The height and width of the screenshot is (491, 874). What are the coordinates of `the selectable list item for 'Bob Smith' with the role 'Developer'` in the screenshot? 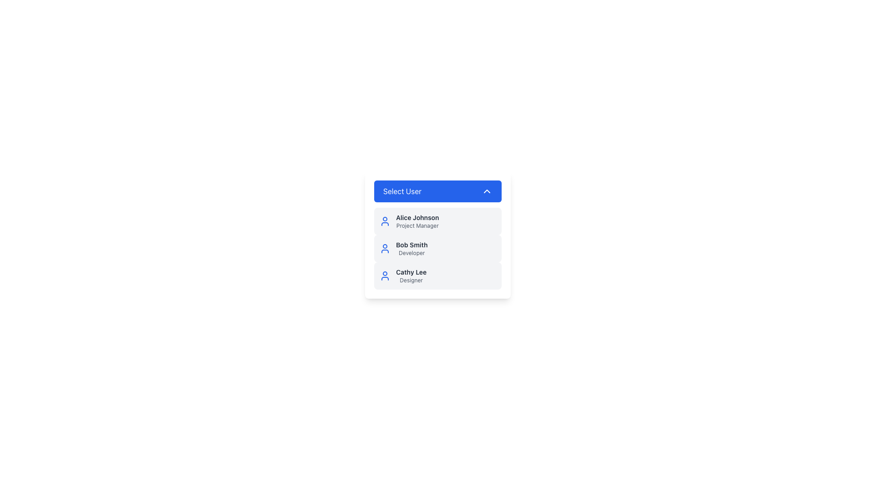 It's located at (437, 234).